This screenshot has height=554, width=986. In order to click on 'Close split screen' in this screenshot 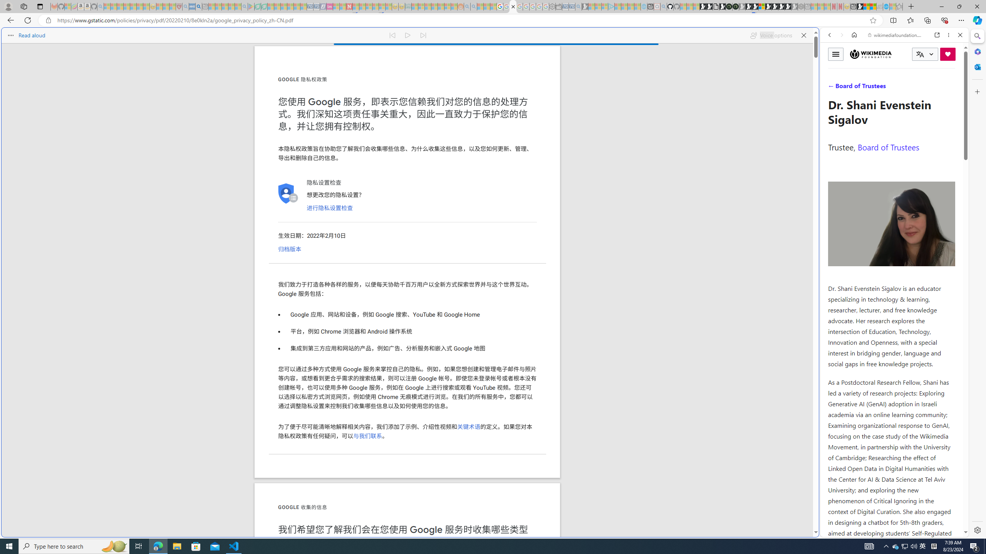, I will do `click(818, 38)`.